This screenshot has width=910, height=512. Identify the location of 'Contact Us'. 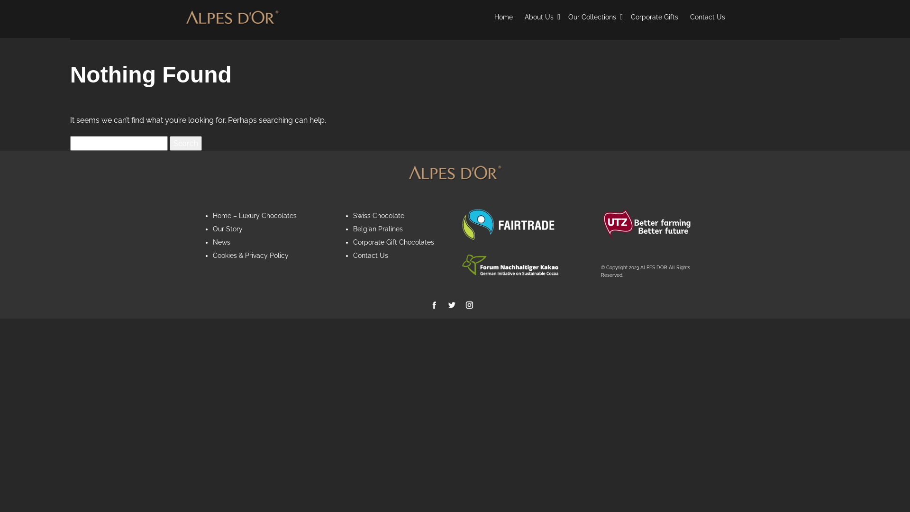
(707, 17).